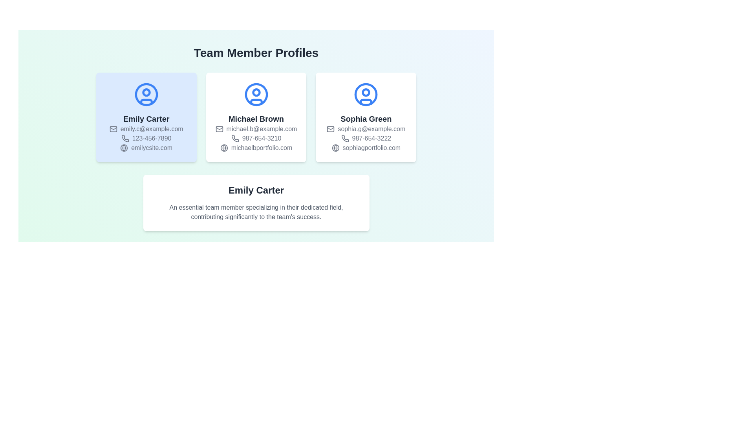 This screenshot has height=424, width=754. I want to click on the Information card that displays an individual’s profile, located in the center of a grid layout with 'Emily Carter' on the left and 'Sophia Green' on the right, so click(256, 117).